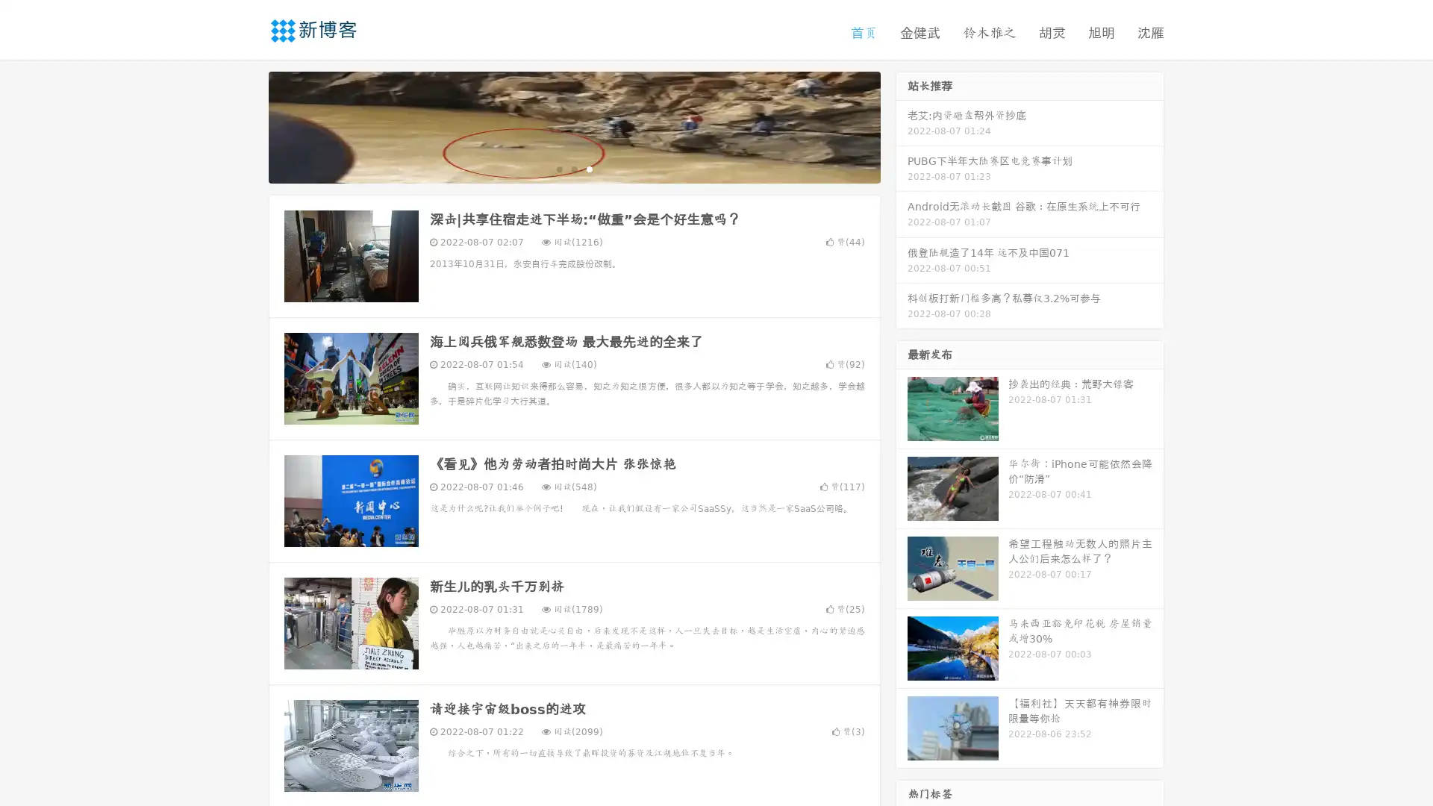 The image size is (1433, 806). What do you see at coordinates (589, 168) in the screenshot?
I see `Go to slide 3` at bounding box center [589, 168].